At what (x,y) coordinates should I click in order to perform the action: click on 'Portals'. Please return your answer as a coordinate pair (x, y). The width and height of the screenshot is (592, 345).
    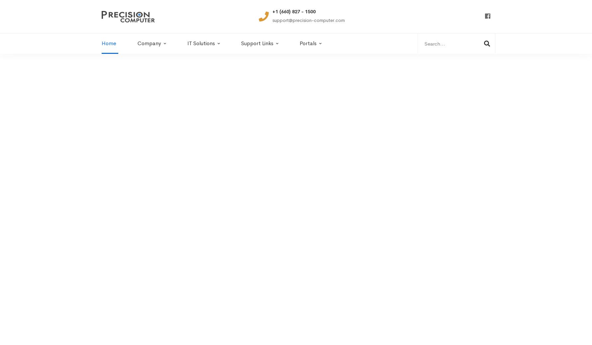
    Looking at the image, I should click on (308, 43).